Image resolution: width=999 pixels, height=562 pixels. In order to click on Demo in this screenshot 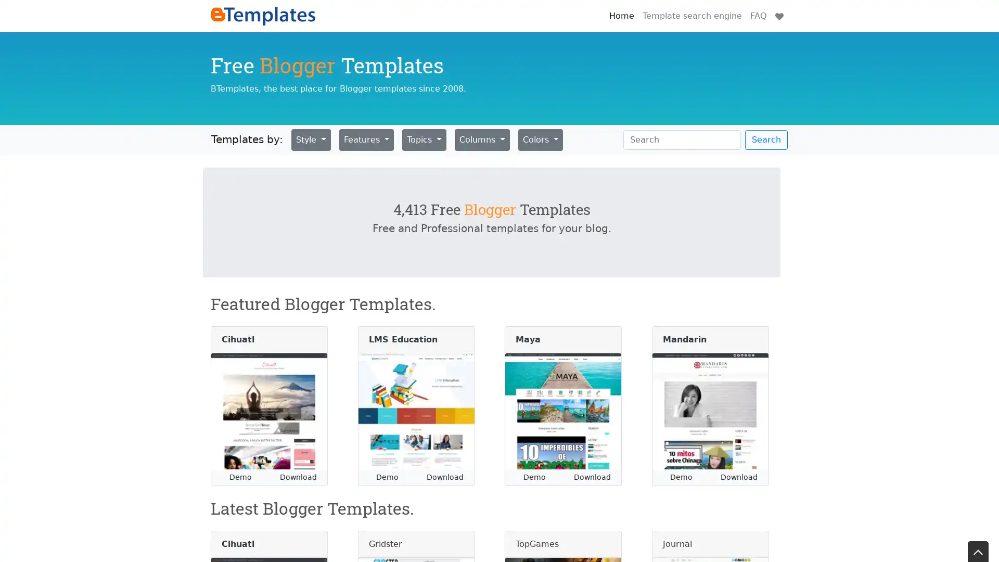, I will do `click(681, 477)`.